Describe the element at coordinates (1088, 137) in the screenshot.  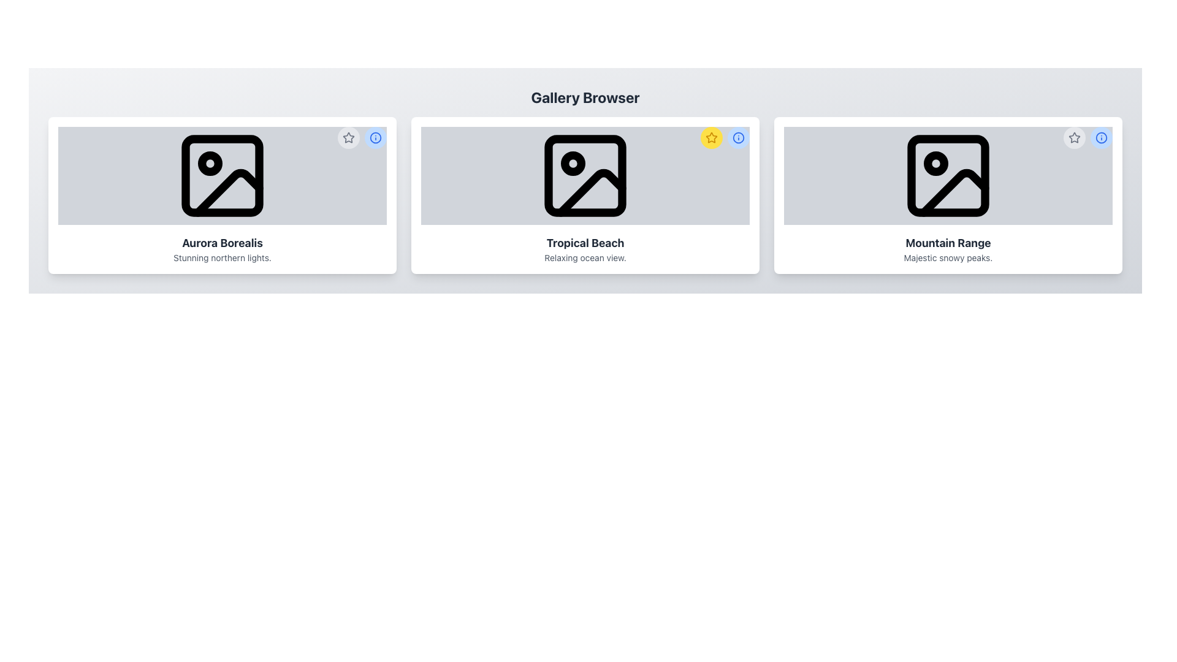
I see `the info icon located in the top right corner of the card displaying 'Mountain Range'` at that location.